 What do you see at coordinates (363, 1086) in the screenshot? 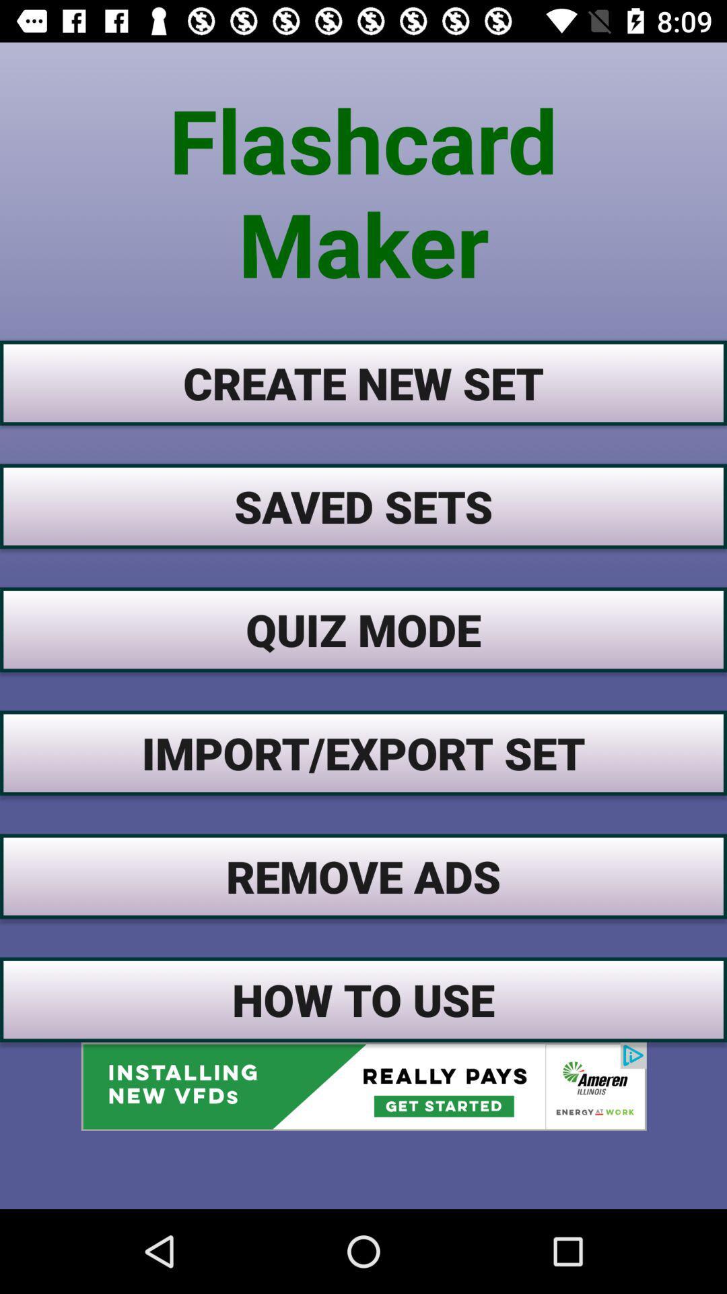
I see `advertisement page` at bounding box center [363, 1086].